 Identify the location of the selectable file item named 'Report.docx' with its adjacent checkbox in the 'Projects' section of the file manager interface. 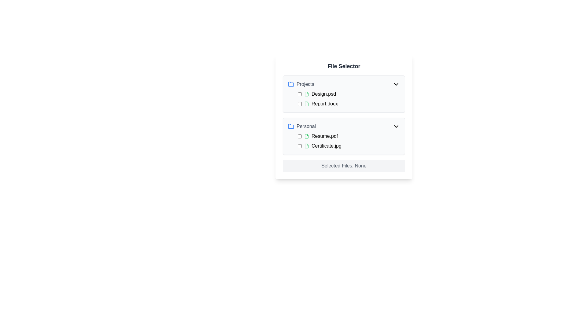
(349, 103).